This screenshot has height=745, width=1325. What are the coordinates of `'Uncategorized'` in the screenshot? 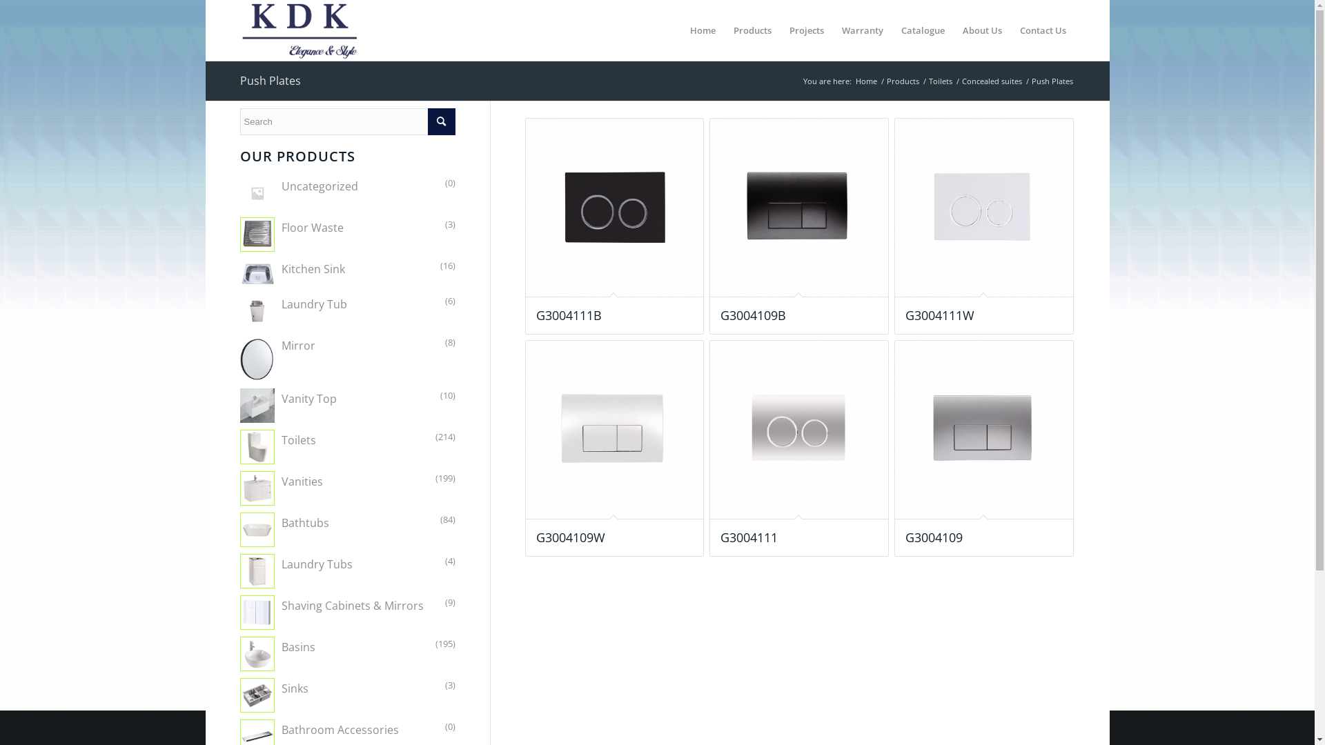 It's located at (257, 193).